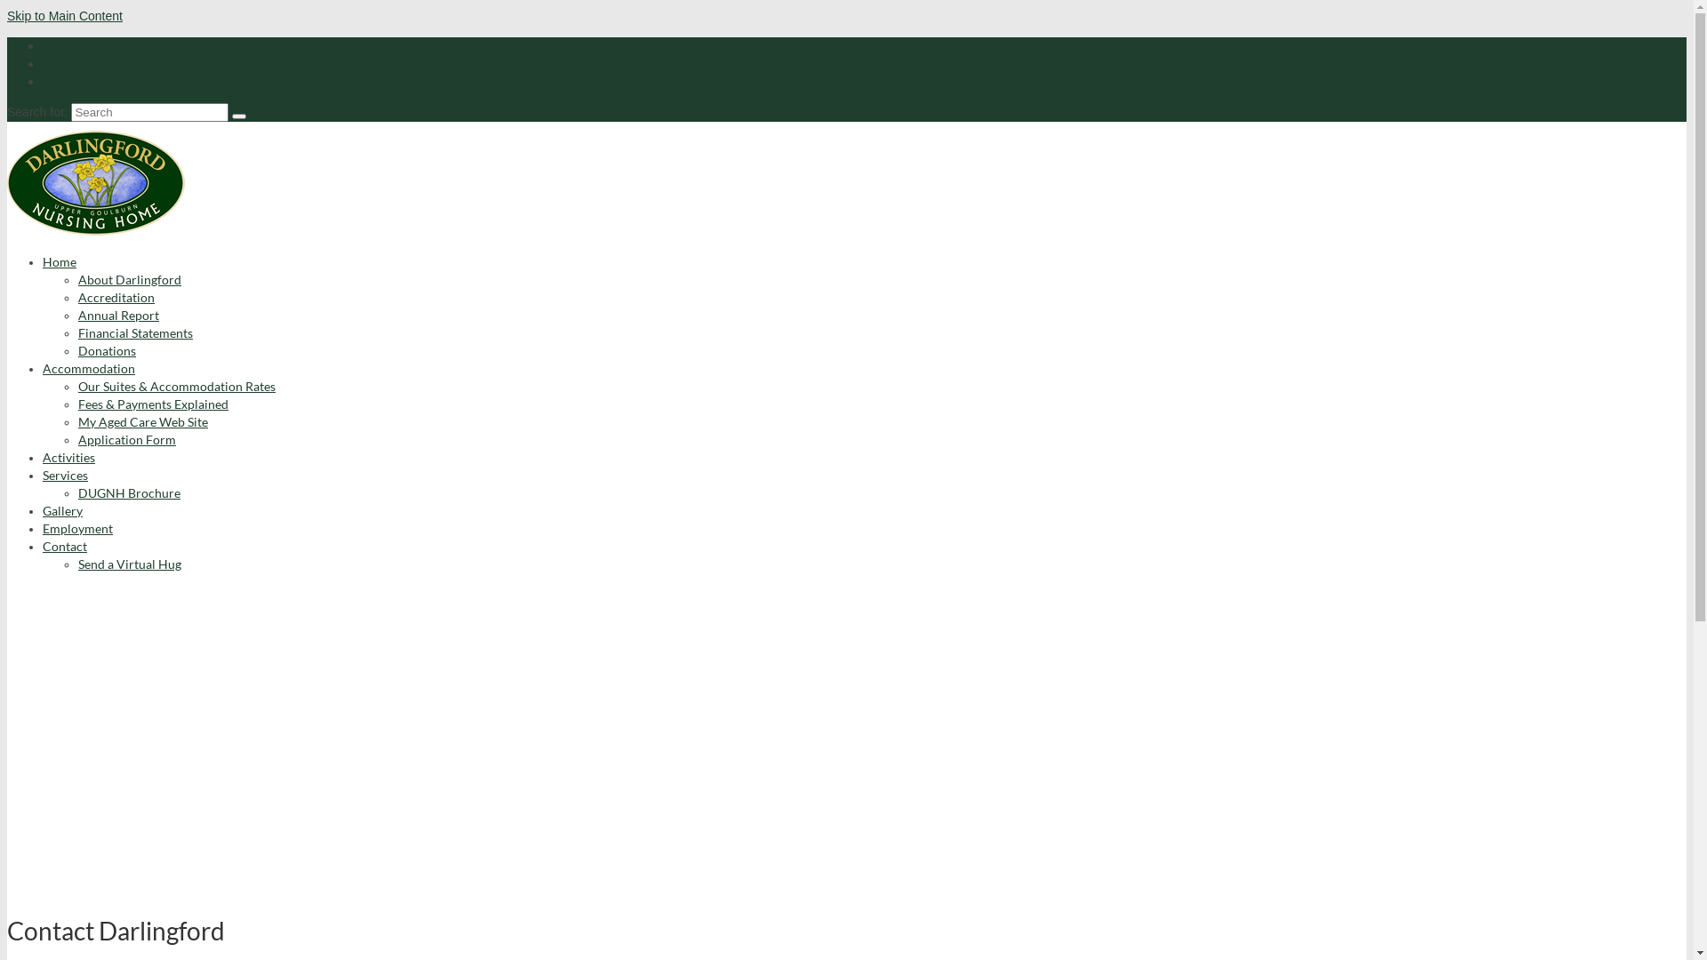 Image resolution: width=1707 pixels, height=960 pixels. Describe the element at coordinates (117, 314) in the screenshot. I see `'Annual Report'` at that location.